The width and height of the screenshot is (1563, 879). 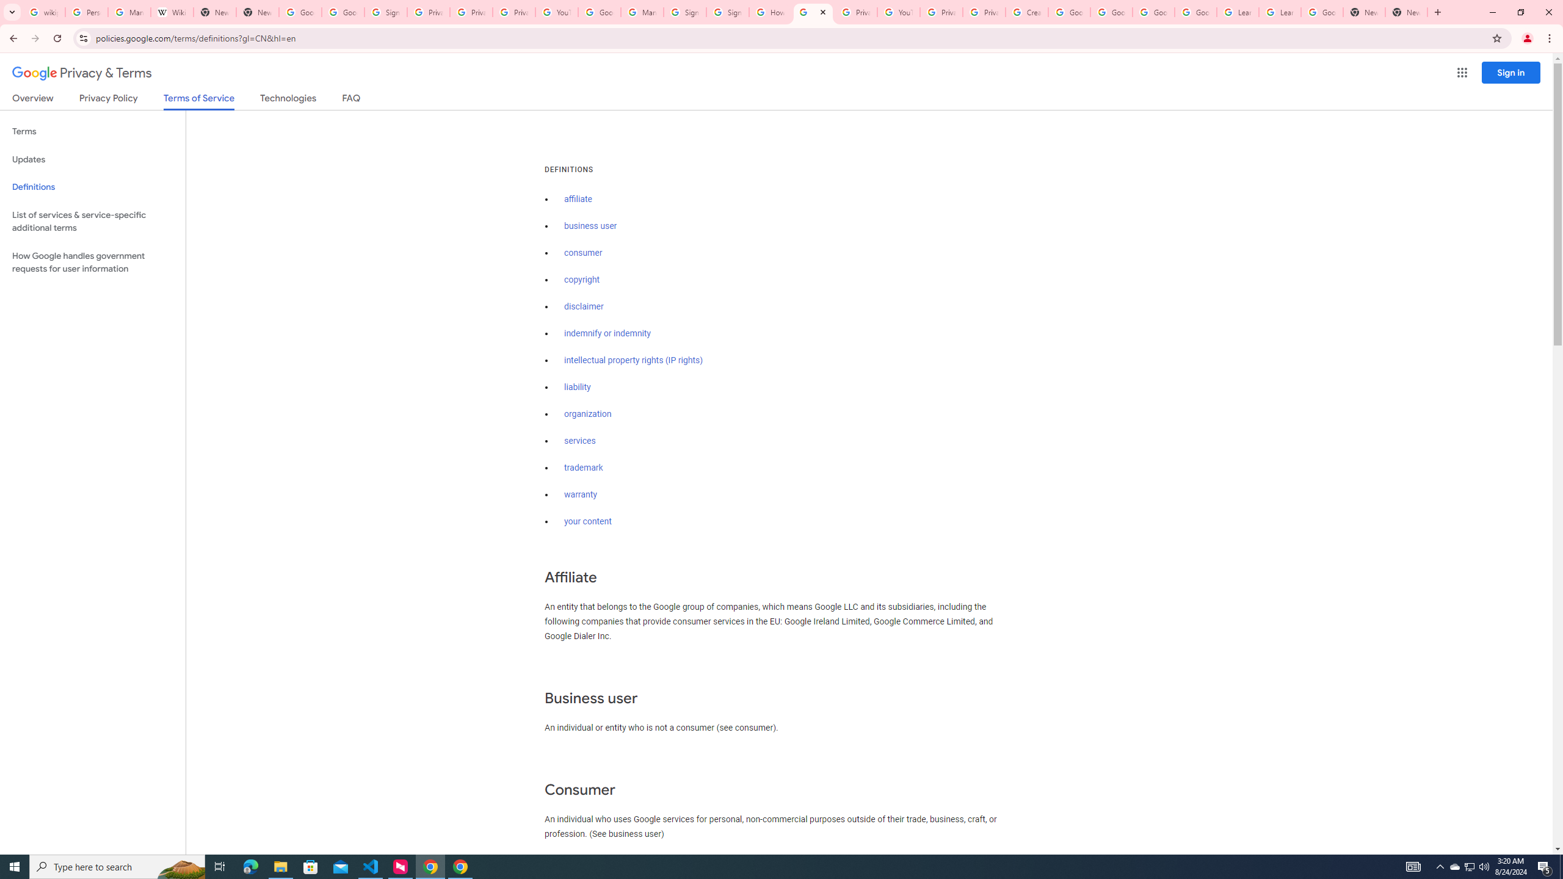 What do you see at coordinates (583, 306) in the screenshot?
I see `'disclaimer'` at bounding box center [583, 306].